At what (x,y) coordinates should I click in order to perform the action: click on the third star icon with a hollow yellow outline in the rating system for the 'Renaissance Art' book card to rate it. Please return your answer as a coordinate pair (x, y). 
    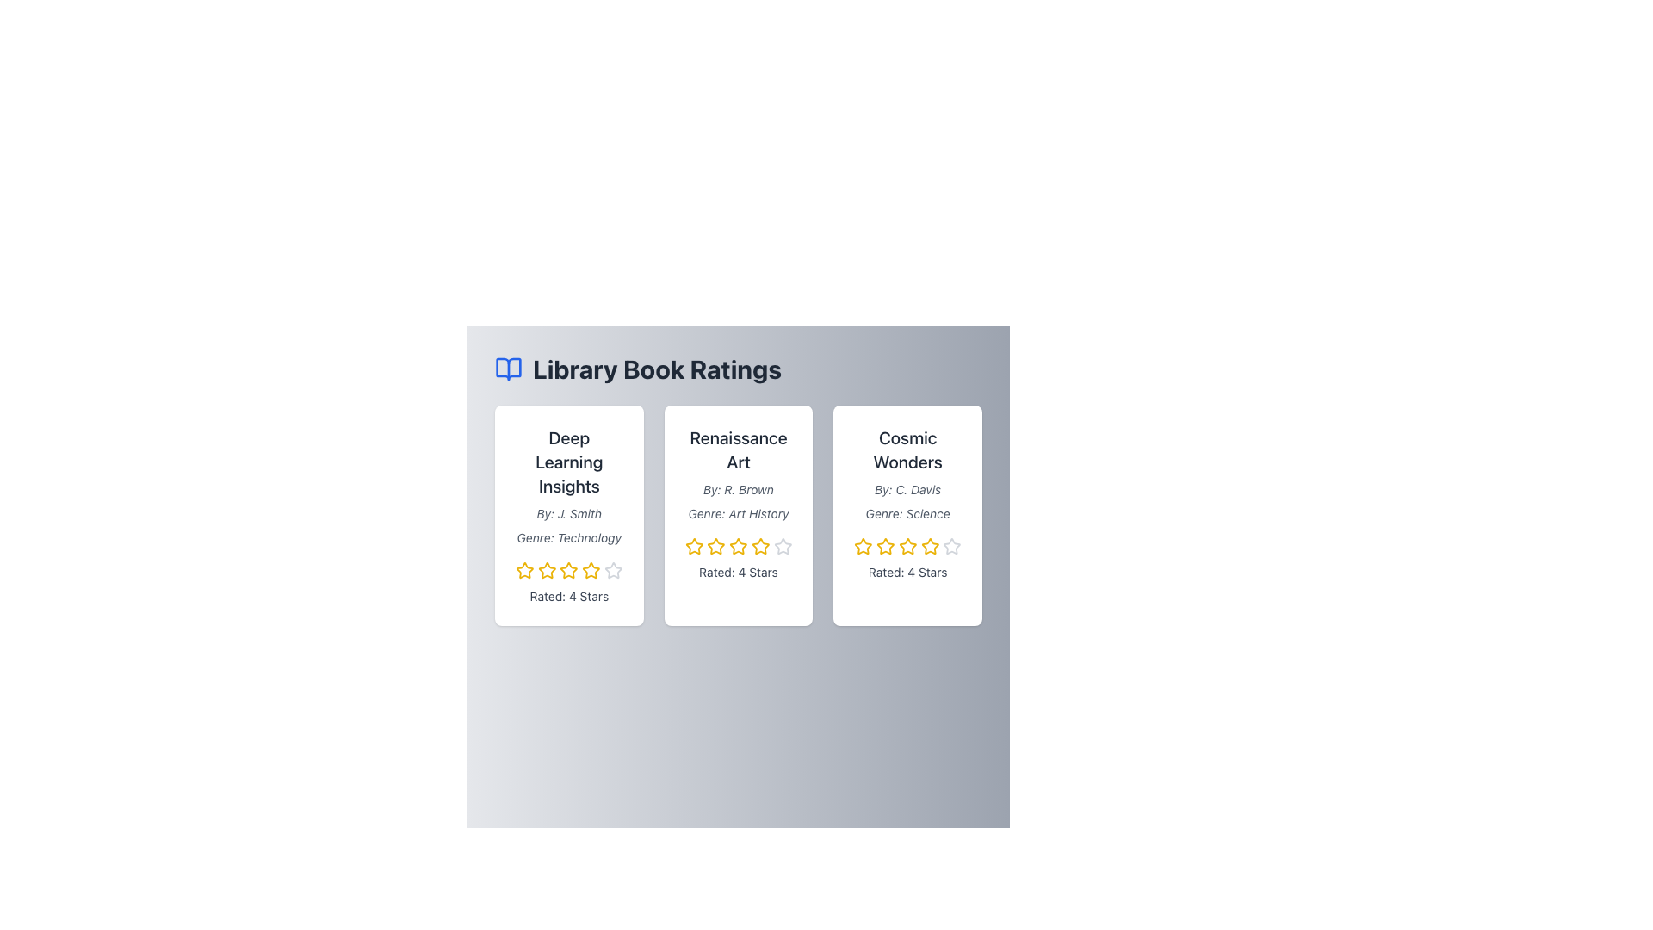
    Looking at the image, I should click on (739, 546).